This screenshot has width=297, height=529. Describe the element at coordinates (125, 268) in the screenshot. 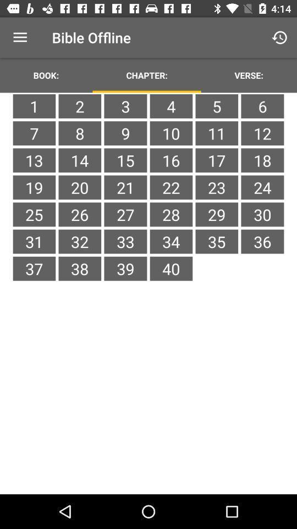

I see `icon to the right of the 32 icon` at that location.